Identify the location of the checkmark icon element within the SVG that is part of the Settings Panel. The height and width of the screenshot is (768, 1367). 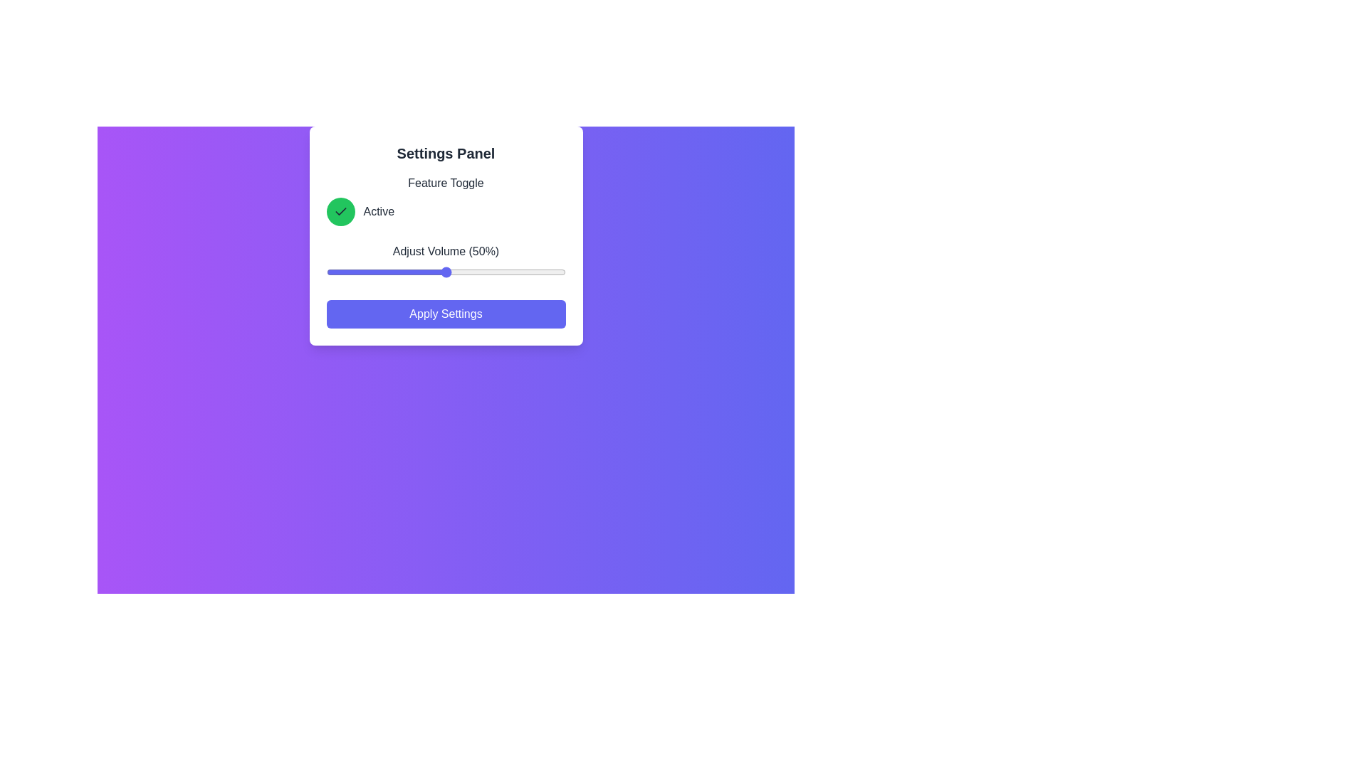
(340, 211).